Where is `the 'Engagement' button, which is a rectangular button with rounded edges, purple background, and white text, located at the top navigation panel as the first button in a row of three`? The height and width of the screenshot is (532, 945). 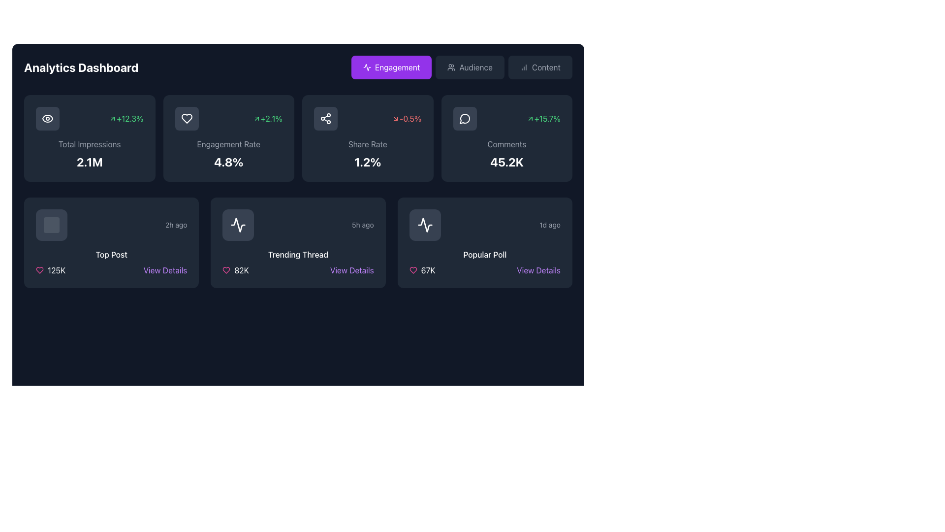
the 'Engagement' button, which is a rectangular button with rounded edges, purple background, and white text, located at the top navigation panel as the first button in a row of three is located at coordinates (391, 67).